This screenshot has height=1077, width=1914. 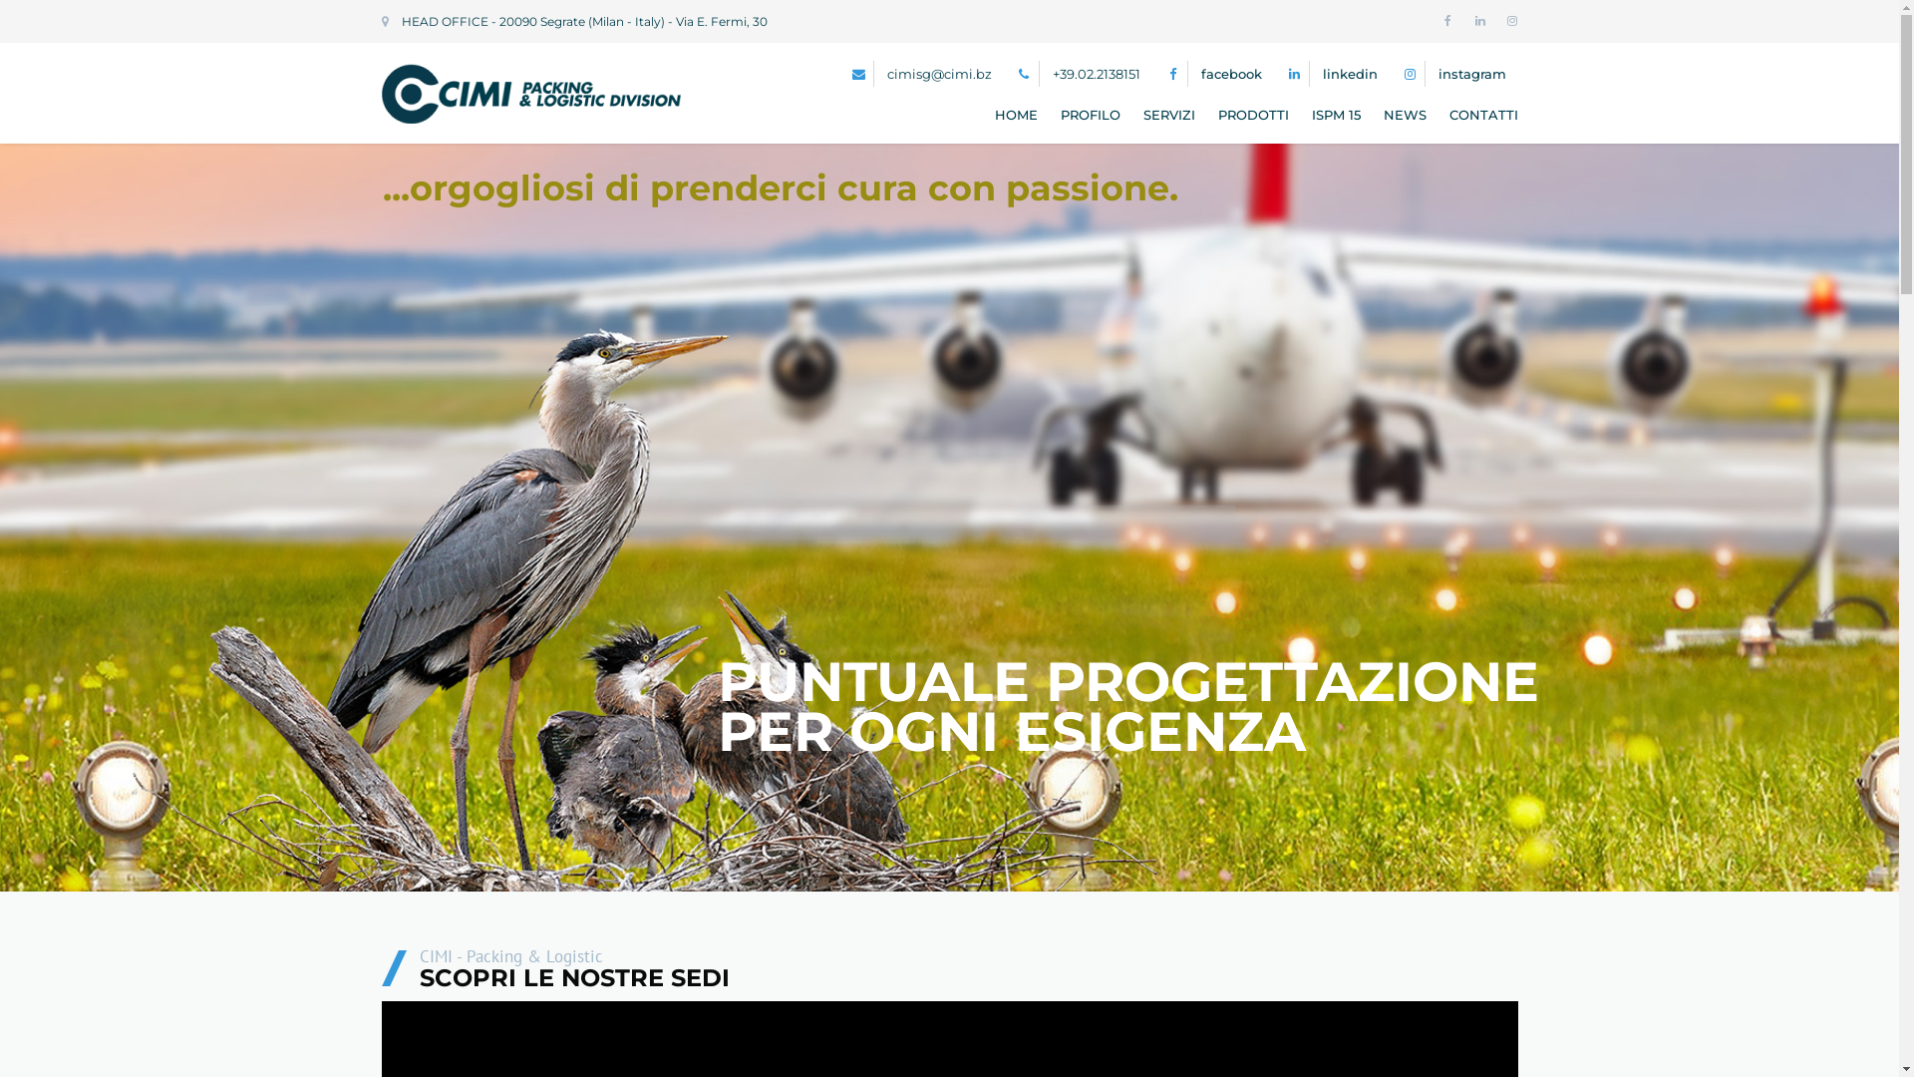 What do you see at coordinates (1404, 115) in the screenshot?
I see `'NEWS'` at bounding box center [1404, 115].